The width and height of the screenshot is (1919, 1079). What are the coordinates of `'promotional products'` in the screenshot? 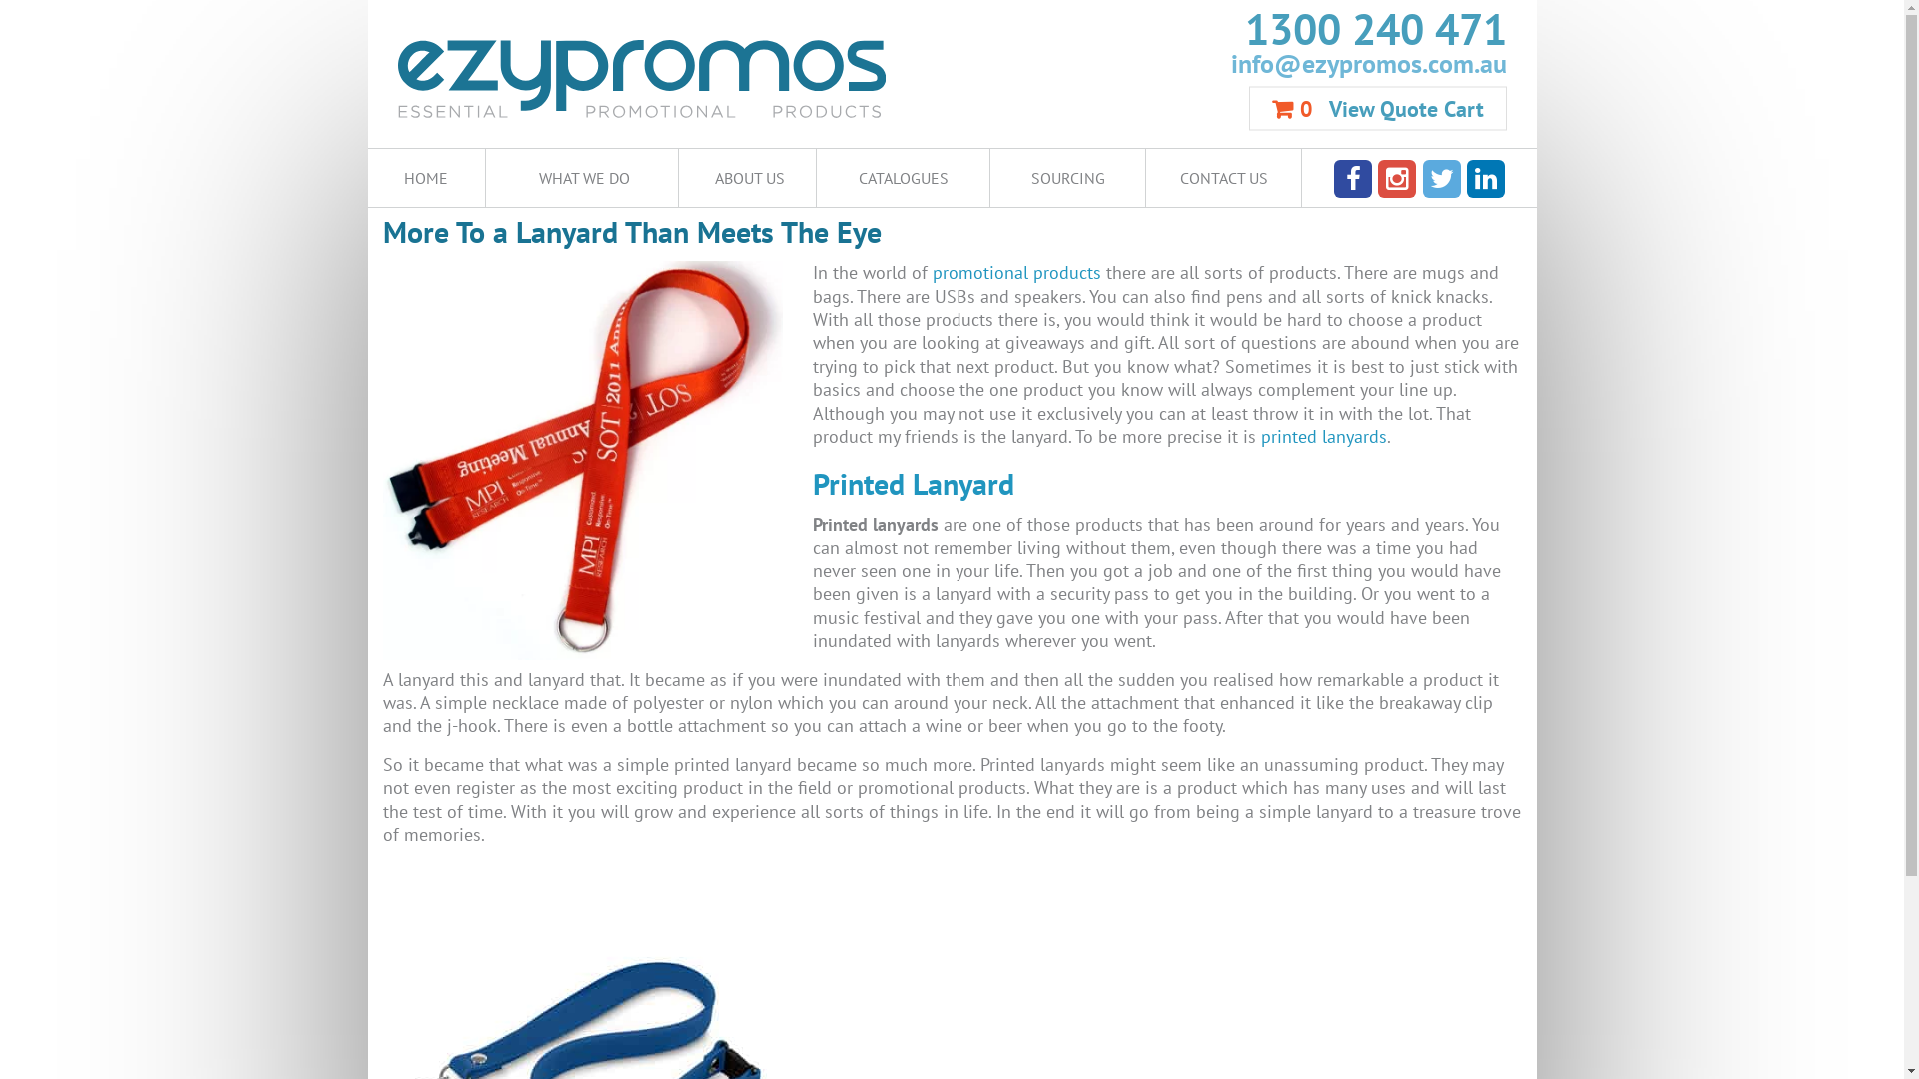 It's located at (1015, 272).